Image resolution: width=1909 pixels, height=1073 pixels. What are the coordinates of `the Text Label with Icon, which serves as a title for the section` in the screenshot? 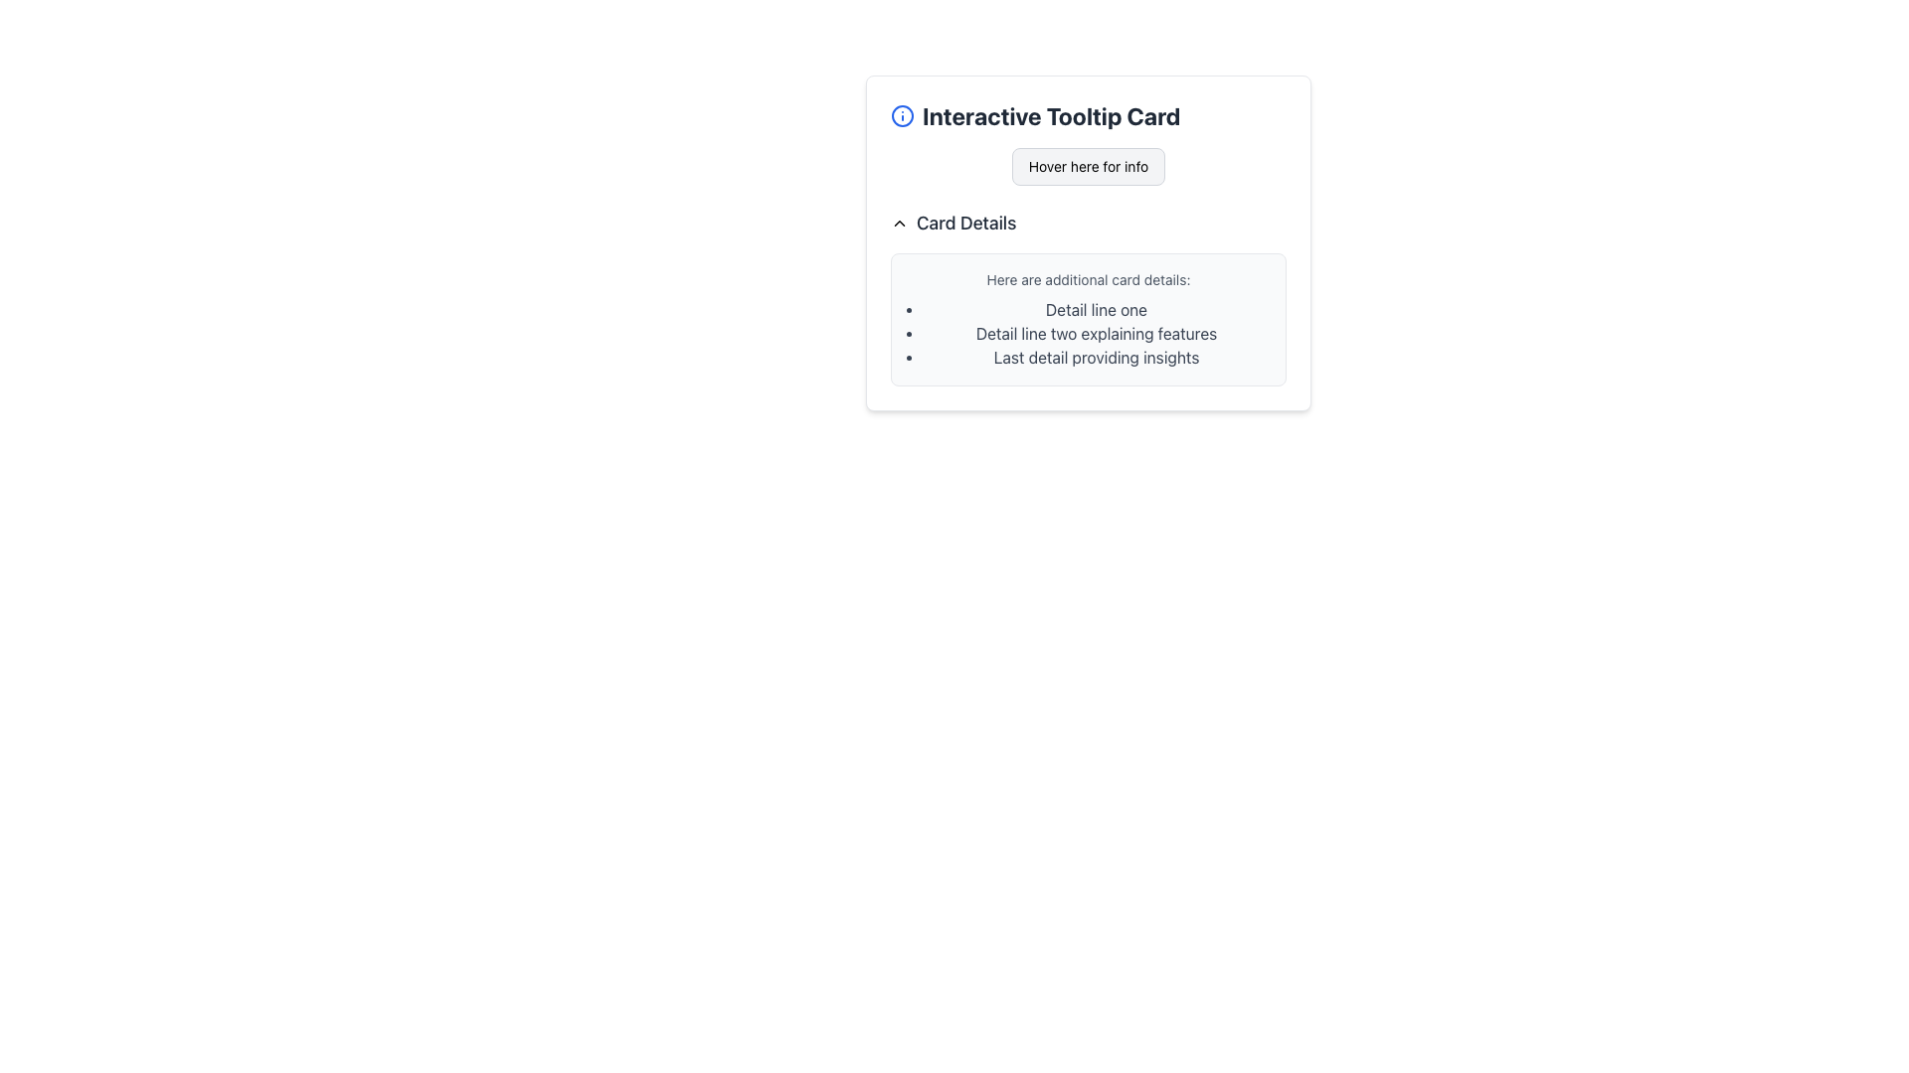 It's located at (1087, 115).